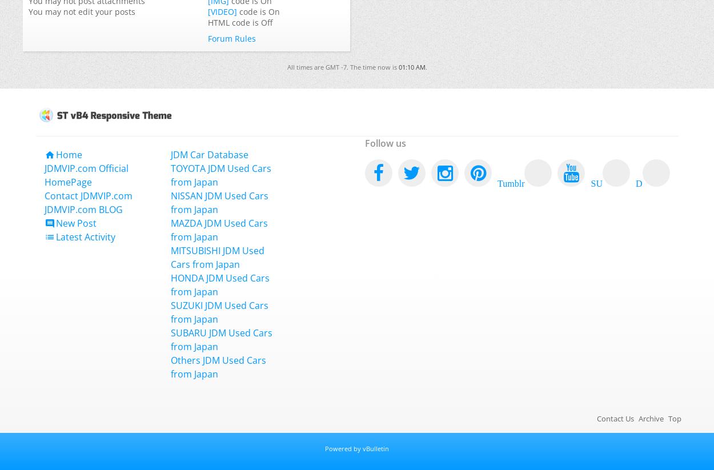 The height and width of the screenshot is (470, 714). What do you see at coordinates (76, 11) in the screenshot?
I see `'edit your posts'` at bounding box center [76, 11].